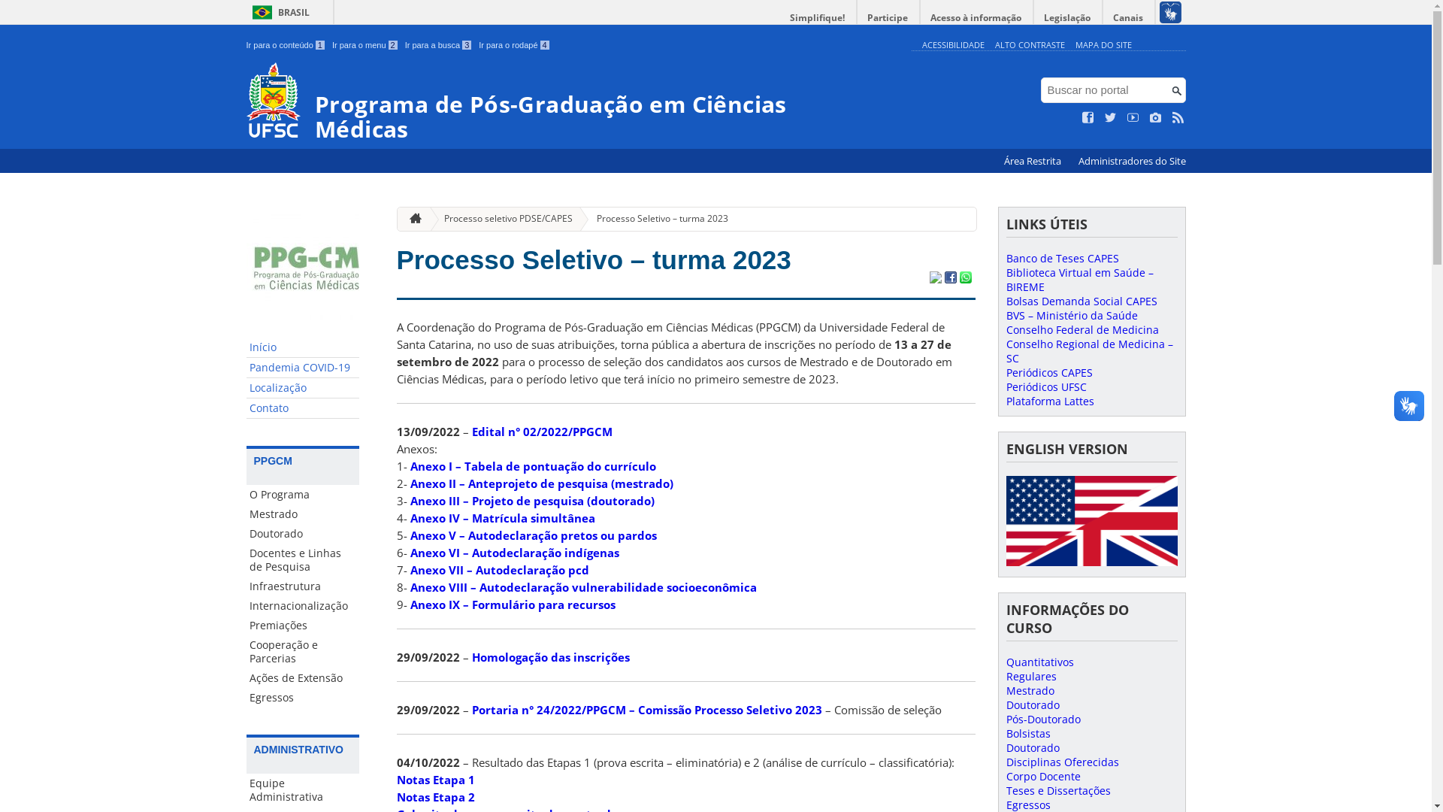 The height and width of the screenshot is (812, 1443). What do you see at coordinates (1129, 17) in the screenshot?
I see `'Canais'` at bounding box center [1129, 17].